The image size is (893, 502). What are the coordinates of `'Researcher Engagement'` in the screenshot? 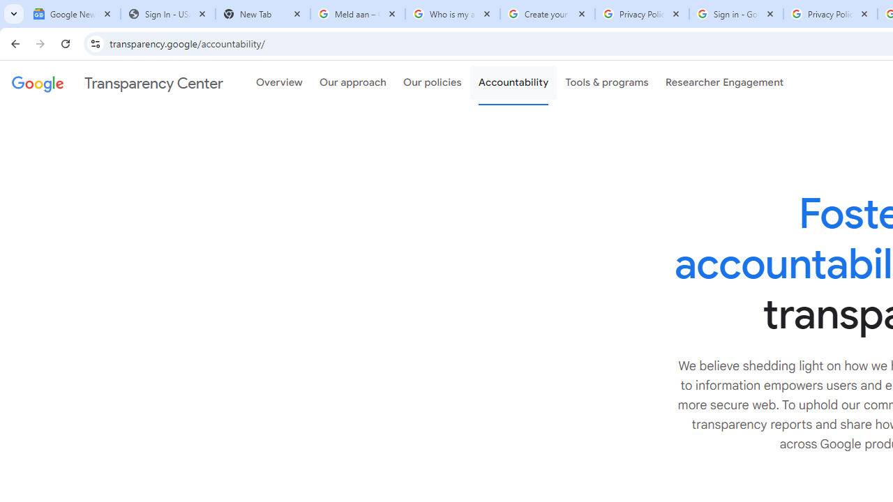 It's located at (724, 83).